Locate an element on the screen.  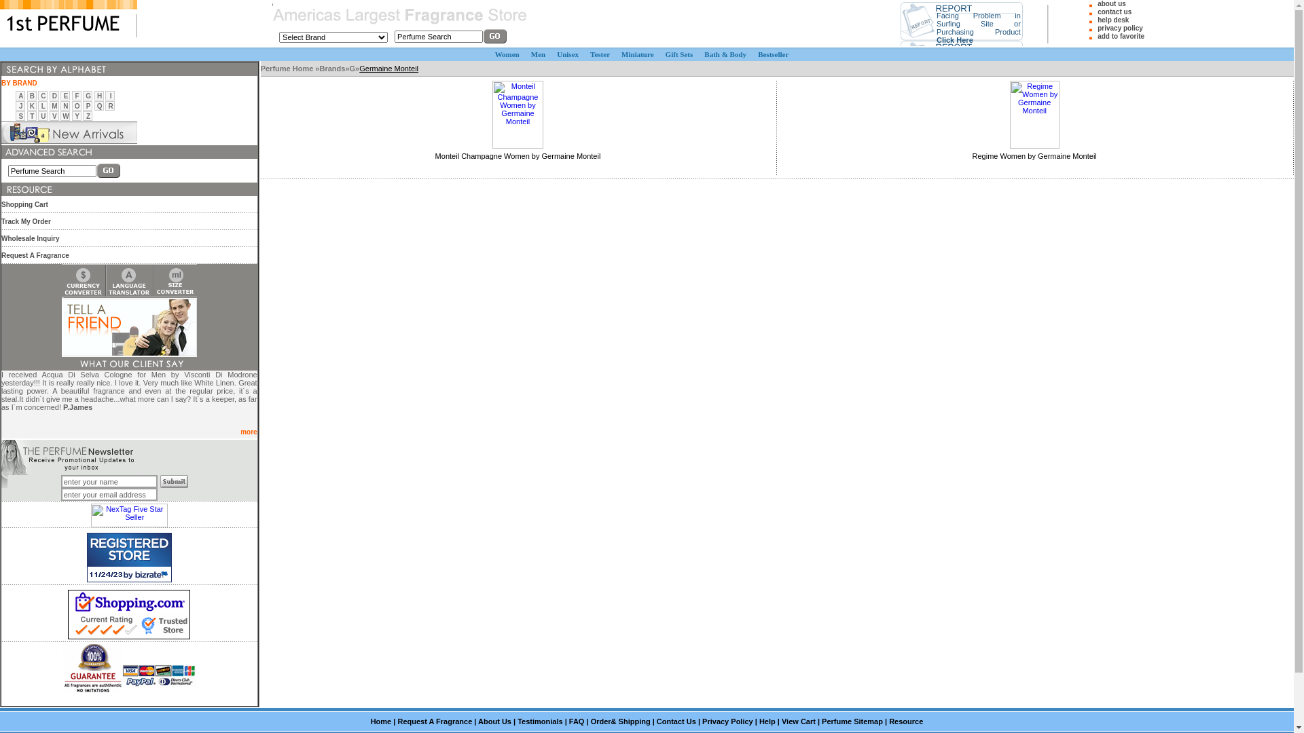
'privacy policy' is located at coordinates (1120, 28).